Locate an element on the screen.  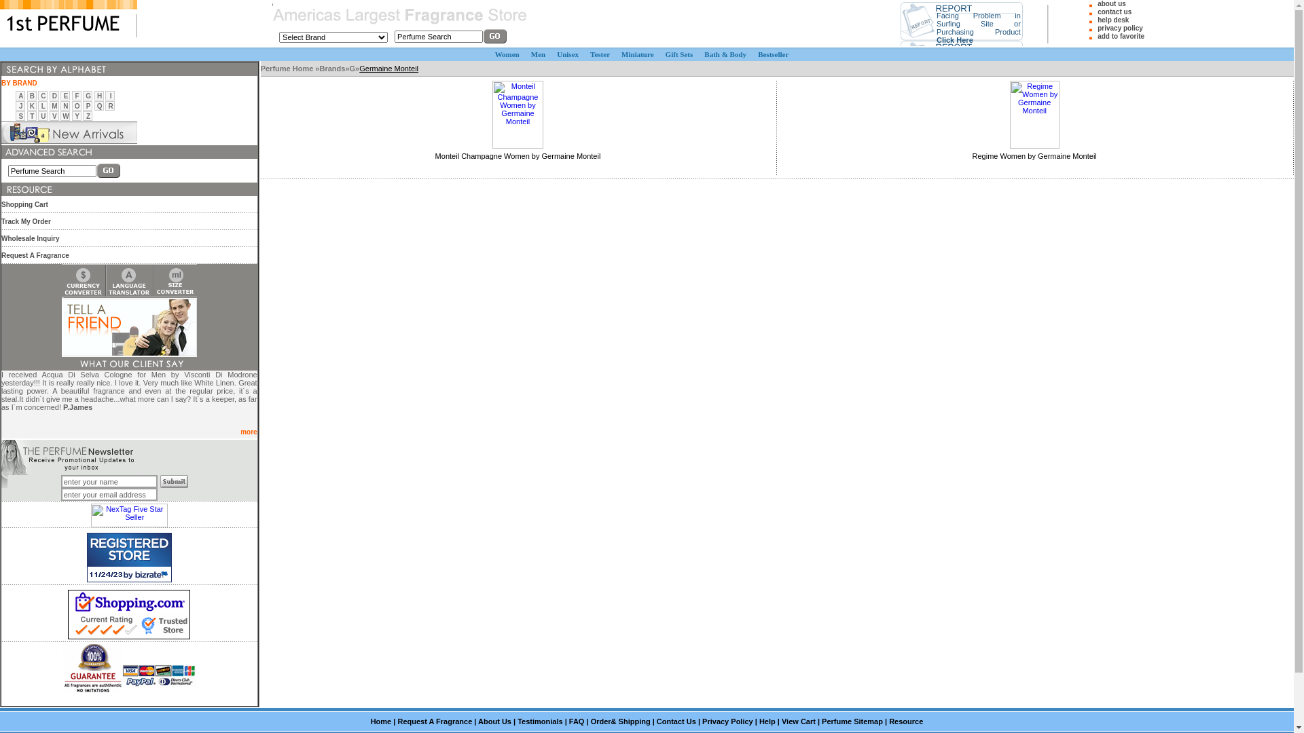
'privacy policy' is located at coordinates (1120, 28).